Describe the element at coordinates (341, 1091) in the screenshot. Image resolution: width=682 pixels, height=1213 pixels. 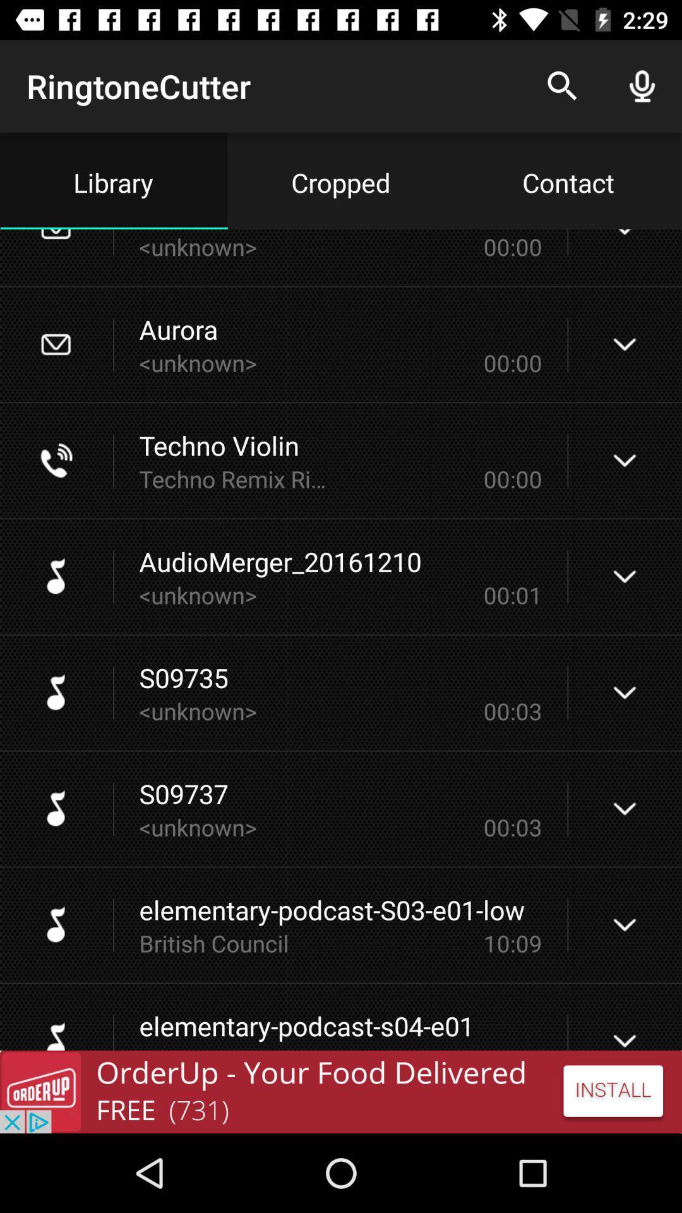
I see `see advertisement` at that location.